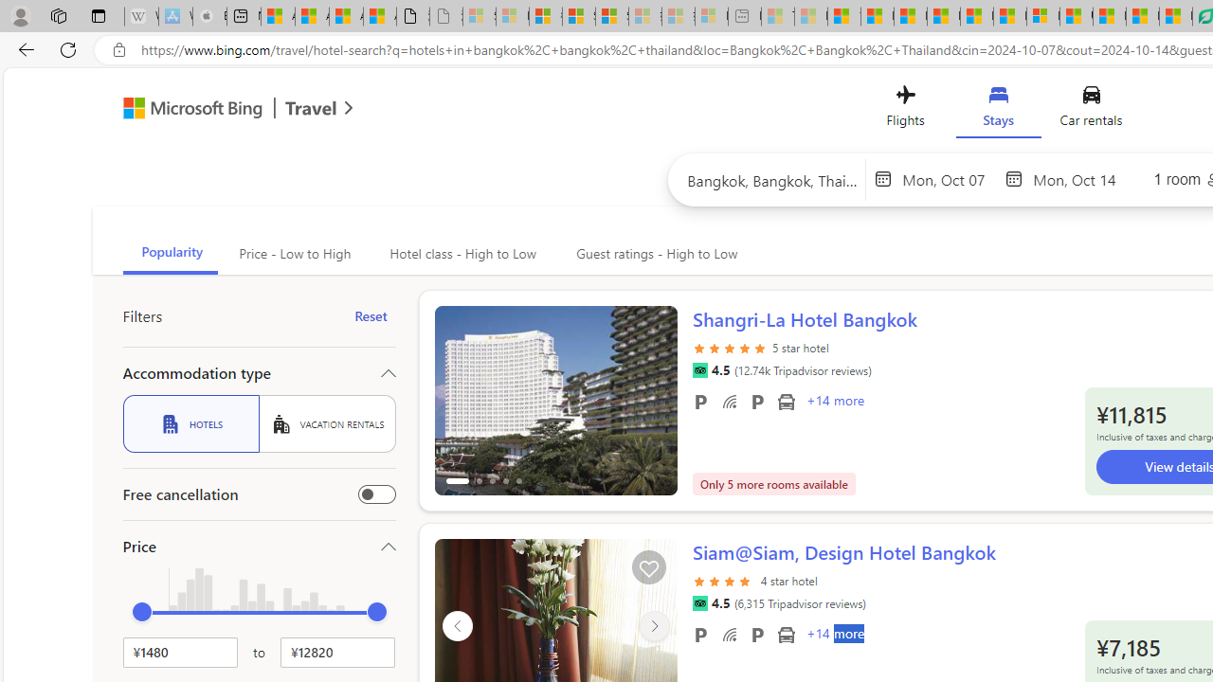  What do you see at coordinates (834, 636) in the screenshot?
I see `'+14 More Amenities'` at bounding box center [834, 636].